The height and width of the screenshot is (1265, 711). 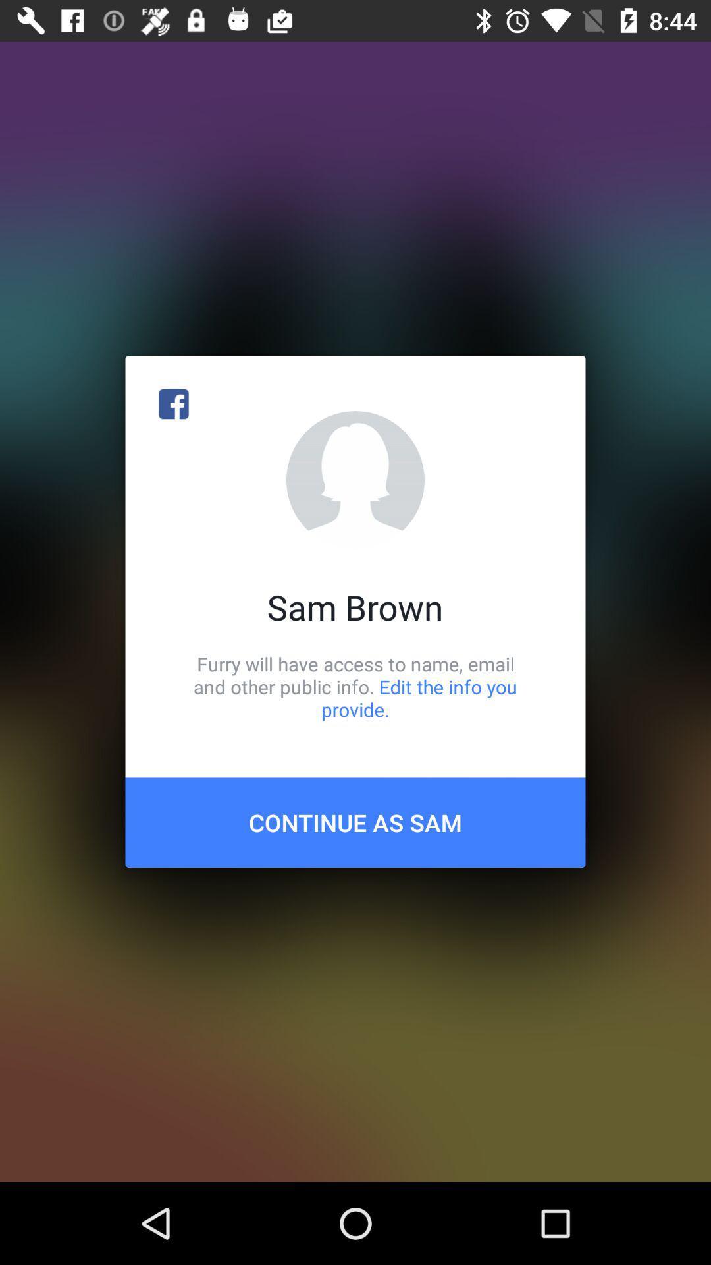 I want to click on the icon below the sam brown, so click(x=355, y=686).